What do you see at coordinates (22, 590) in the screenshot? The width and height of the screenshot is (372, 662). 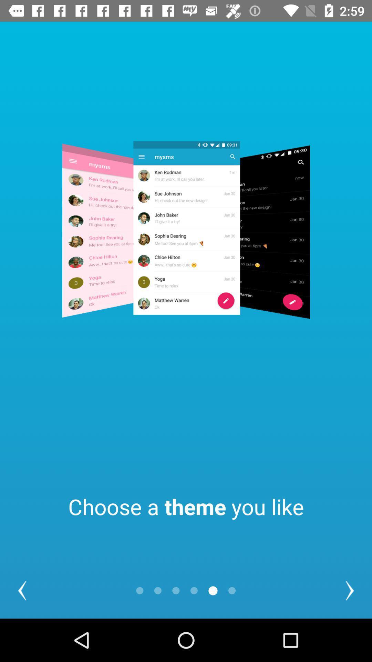 I see `the arrow_backward icon` at bounding box center [22, 590].